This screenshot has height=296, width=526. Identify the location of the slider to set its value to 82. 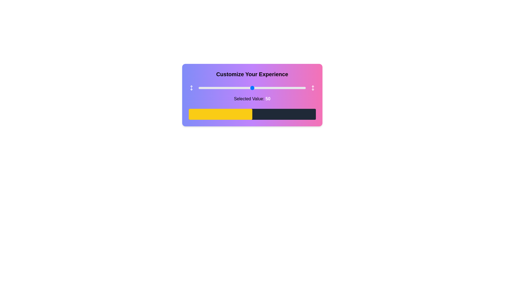
(286, 87).